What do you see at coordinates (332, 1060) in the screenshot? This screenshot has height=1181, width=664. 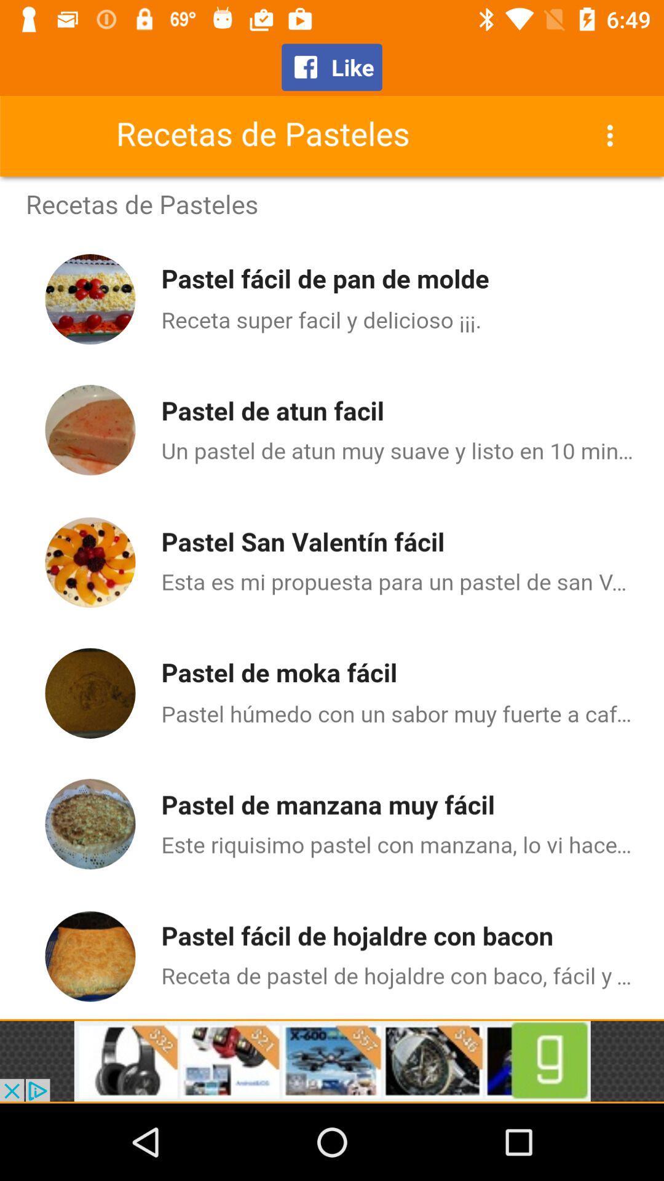 I see `advertising partner` at bounding box center [332, 1060].